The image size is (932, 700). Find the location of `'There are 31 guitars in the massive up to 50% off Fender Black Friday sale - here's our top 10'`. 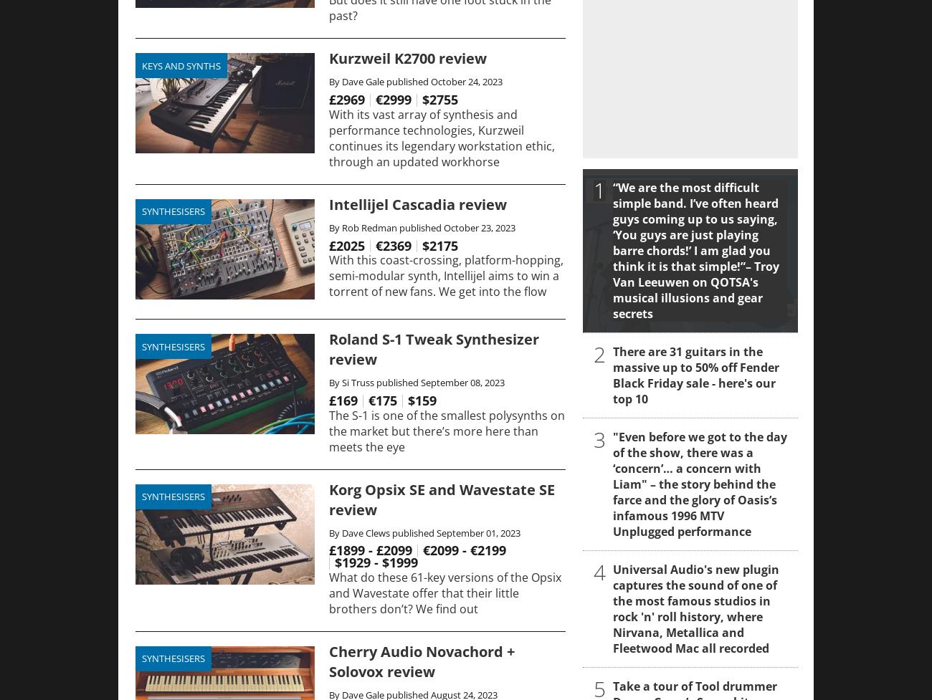

'There are 31 guitars in the massive up to 50% off Fender Black Friday sale - here's our top 10' is located at coordinates (695, 374).